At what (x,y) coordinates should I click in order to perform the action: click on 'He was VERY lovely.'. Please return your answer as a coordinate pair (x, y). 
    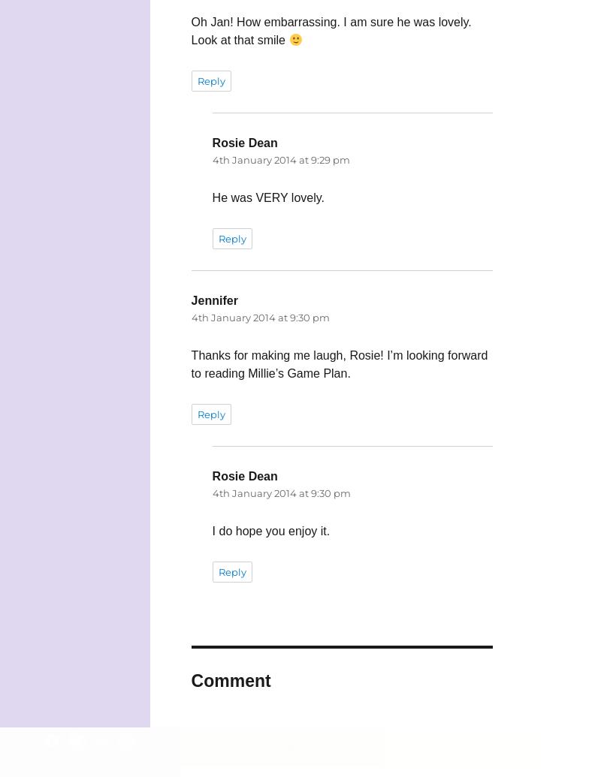
    Looking at the image, I should click on (268, 197).